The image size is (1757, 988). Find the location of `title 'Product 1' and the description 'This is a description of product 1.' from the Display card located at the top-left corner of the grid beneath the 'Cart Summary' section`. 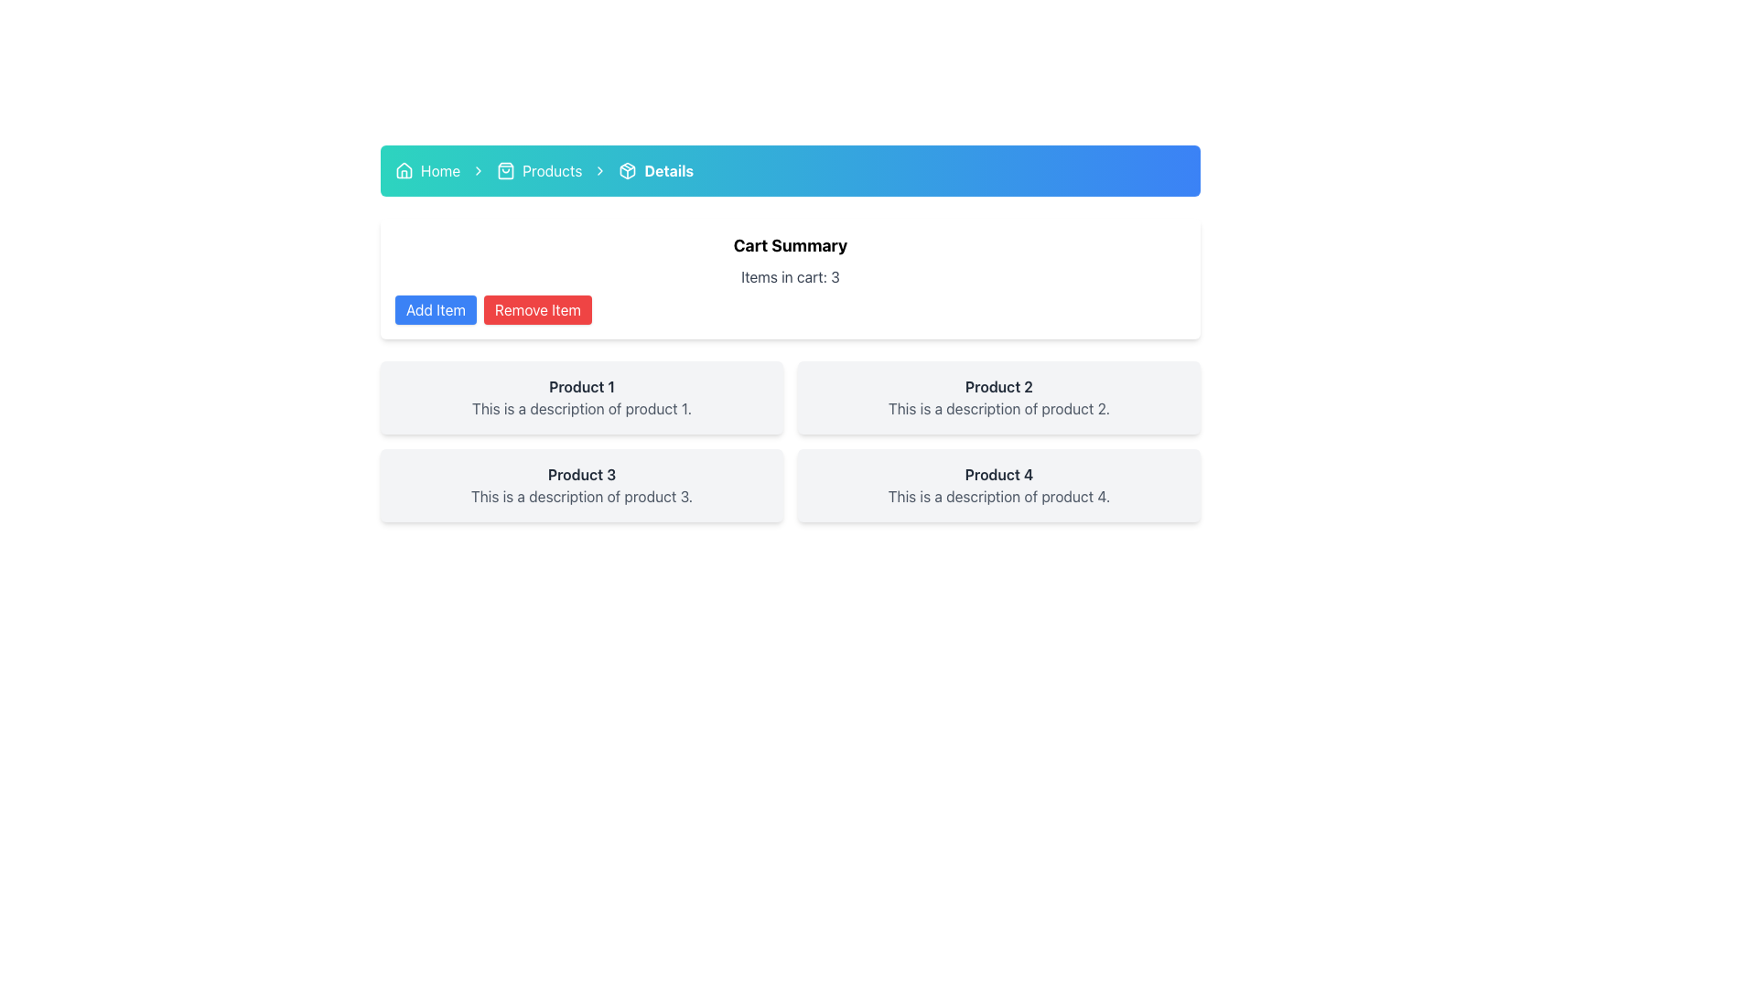

title 'Product 1' and the description 'This is a description of product 1.' from the Display card located at the top-left corner of the grid beneath the 'Cart Summary' section is located at coordinates (580, 397).